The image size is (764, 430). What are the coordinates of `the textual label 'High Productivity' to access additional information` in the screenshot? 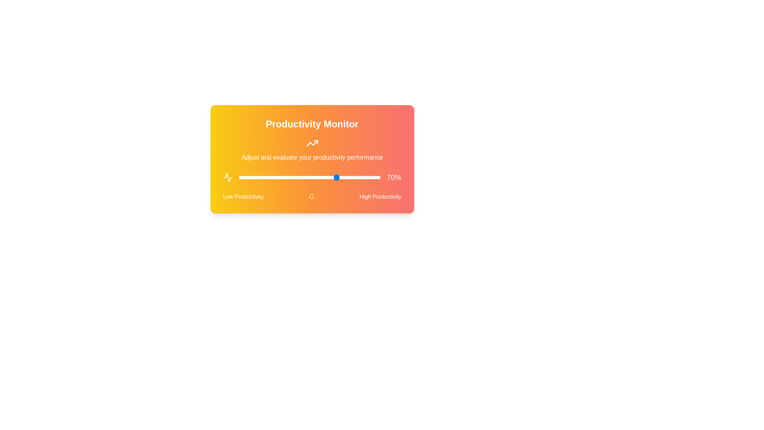 It's located at (380, 196).